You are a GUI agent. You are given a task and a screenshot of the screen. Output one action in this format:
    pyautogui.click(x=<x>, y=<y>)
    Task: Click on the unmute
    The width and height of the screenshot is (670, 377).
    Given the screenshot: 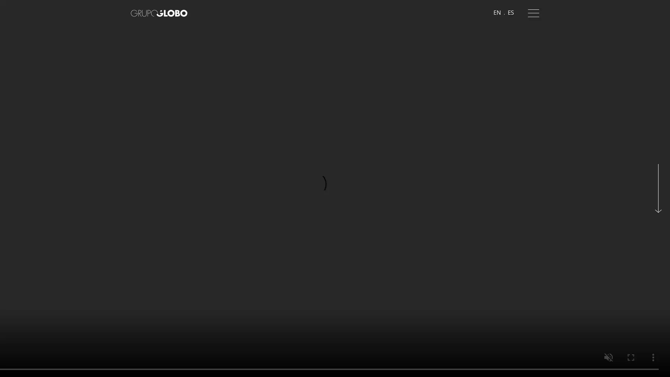 What is the action you would take?
    pyautogui.click(x=608, y=357)
    